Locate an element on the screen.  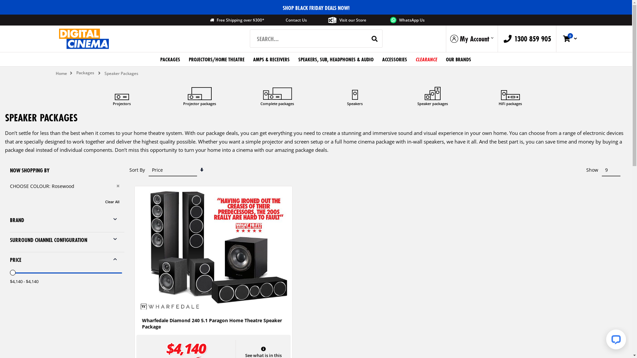
'1300 859 905' is located at coordinates (498, 38).